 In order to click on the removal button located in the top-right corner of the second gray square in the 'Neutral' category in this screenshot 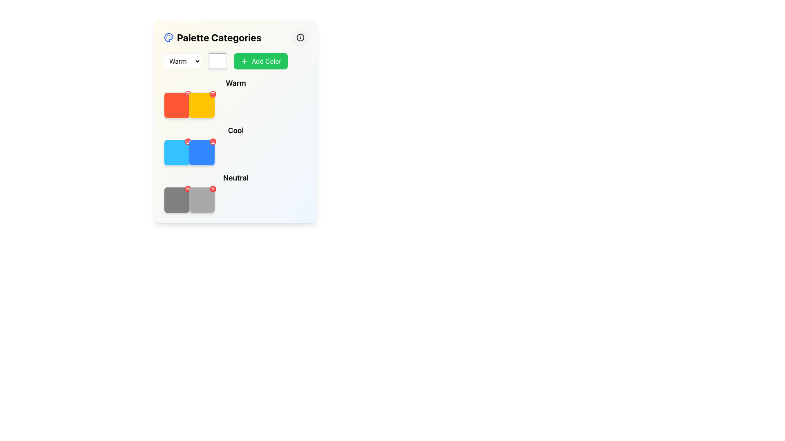, I will do `click(188, 189)`.